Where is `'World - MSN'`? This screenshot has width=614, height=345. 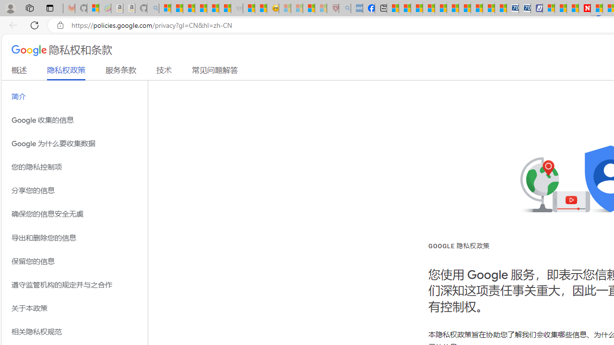
'World - MSN' is located at coordinates (416, 8).